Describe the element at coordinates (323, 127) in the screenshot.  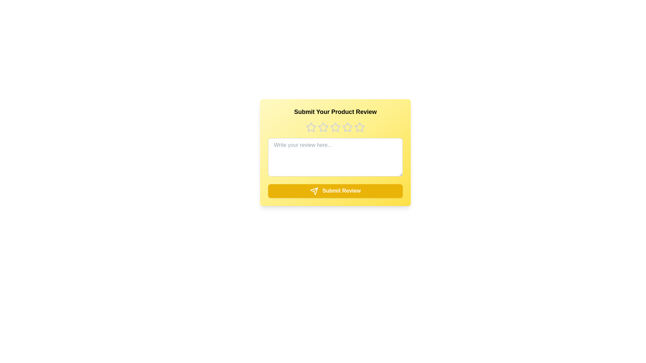
I see `the second star icon from the left in the row of five stars` at that location.